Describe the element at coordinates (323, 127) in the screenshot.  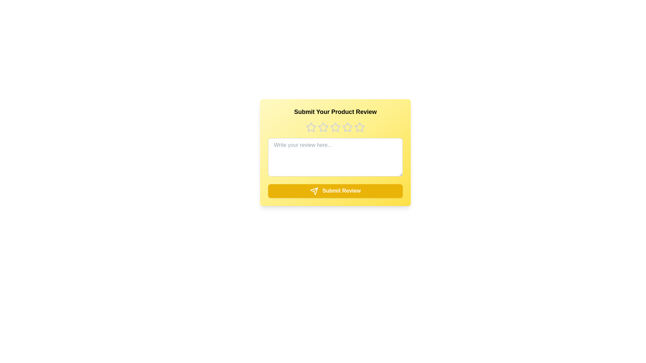
I see `the second star icon from the left in the row of five stars` at that location.